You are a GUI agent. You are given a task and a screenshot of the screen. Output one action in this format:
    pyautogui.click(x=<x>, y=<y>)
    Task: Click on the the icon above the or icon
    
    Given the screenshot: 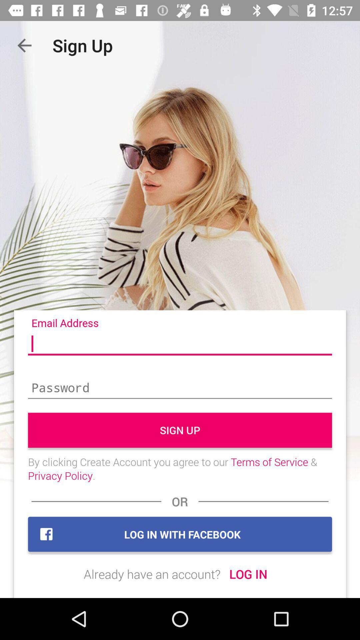 What is the action you would take?
    pyautogui.click(x=180, y=468)
    